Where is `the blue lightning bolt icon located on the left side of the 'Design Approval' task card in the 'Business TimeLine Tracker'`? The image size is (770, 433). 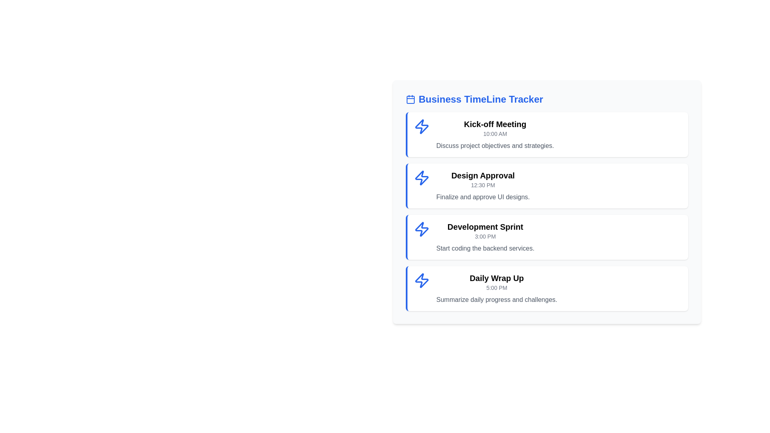
the blue lightning bolt icon located on the left side of the 'Design Approval' task card in the 'Business TimeLine Tracker' is located at coordinates (421, 177).